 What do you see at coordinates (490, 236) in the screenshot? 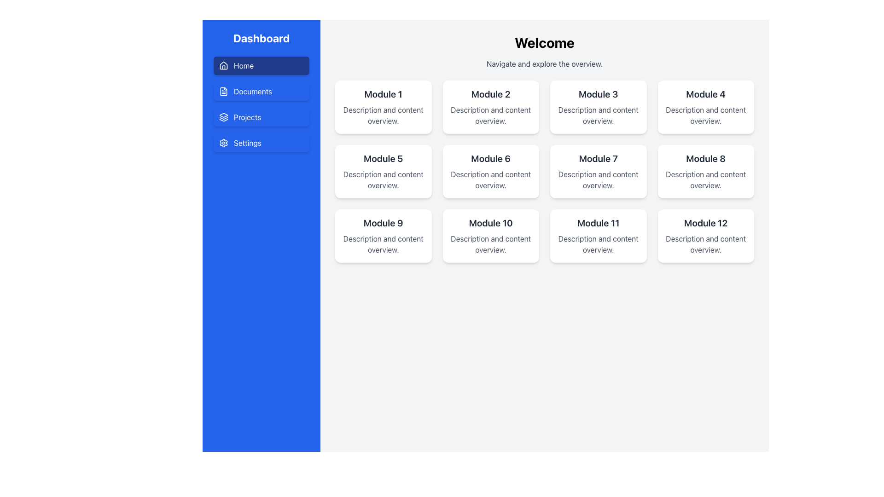
I see `the static text card for 'Module 10', located in the fourth row and second column of the grid layout` at bounding box center [490, 236].